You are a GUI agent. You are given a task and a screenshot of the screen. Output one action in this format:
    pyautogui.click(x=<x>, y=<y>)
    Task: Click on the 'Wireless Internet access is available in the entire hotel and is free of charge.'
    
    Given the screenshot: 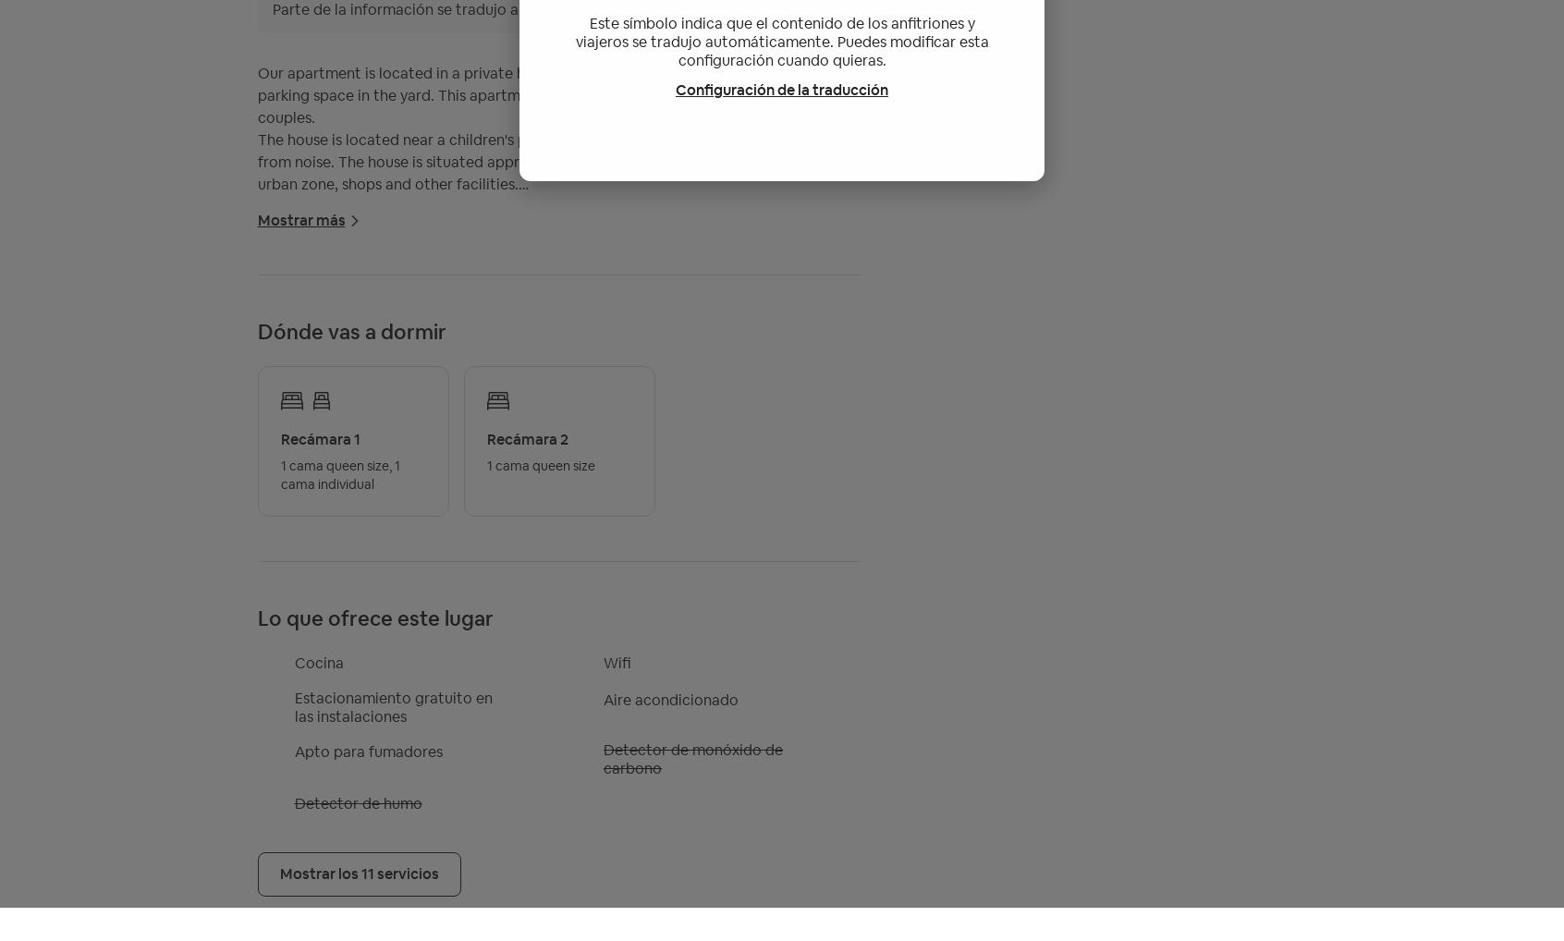 What is the action you would take?
    pyautogui.click(x=256, y=494)
    